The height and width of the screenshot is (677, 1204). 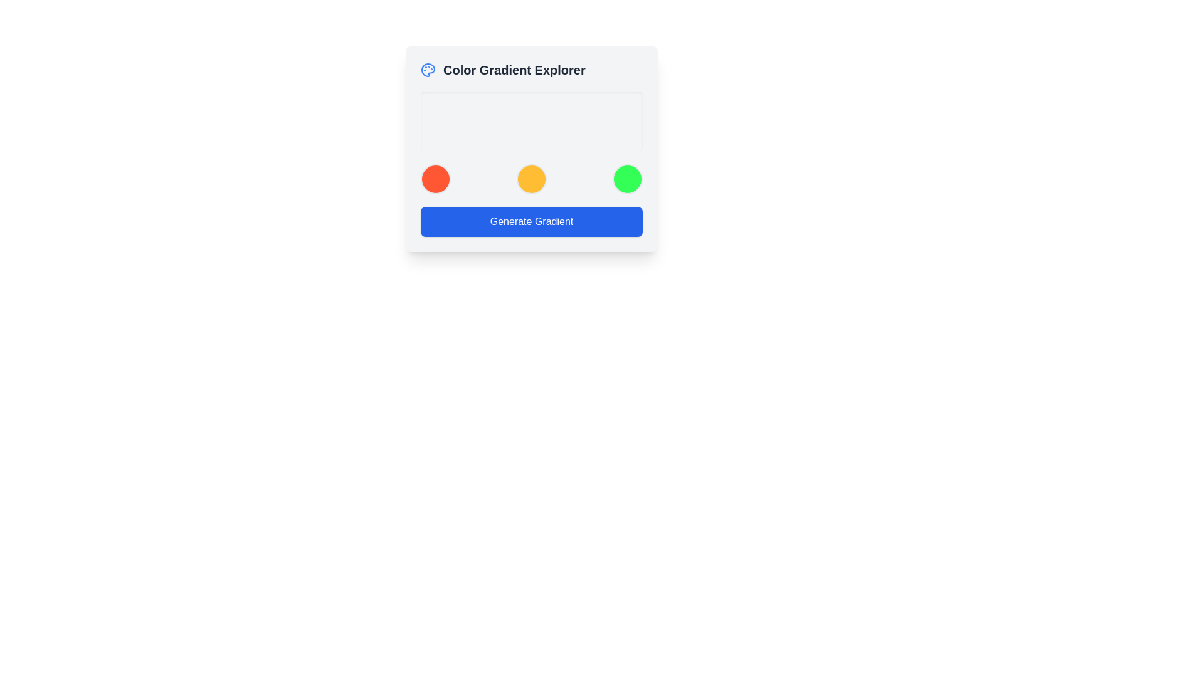 What do you see at coordinates (532, 221) in the screenshot?
I see `the 'Generate Gradient' button, which is a rectangular button with a bright blue background and white text, located below three circular colored indicators` at bounding box center [532, 221].